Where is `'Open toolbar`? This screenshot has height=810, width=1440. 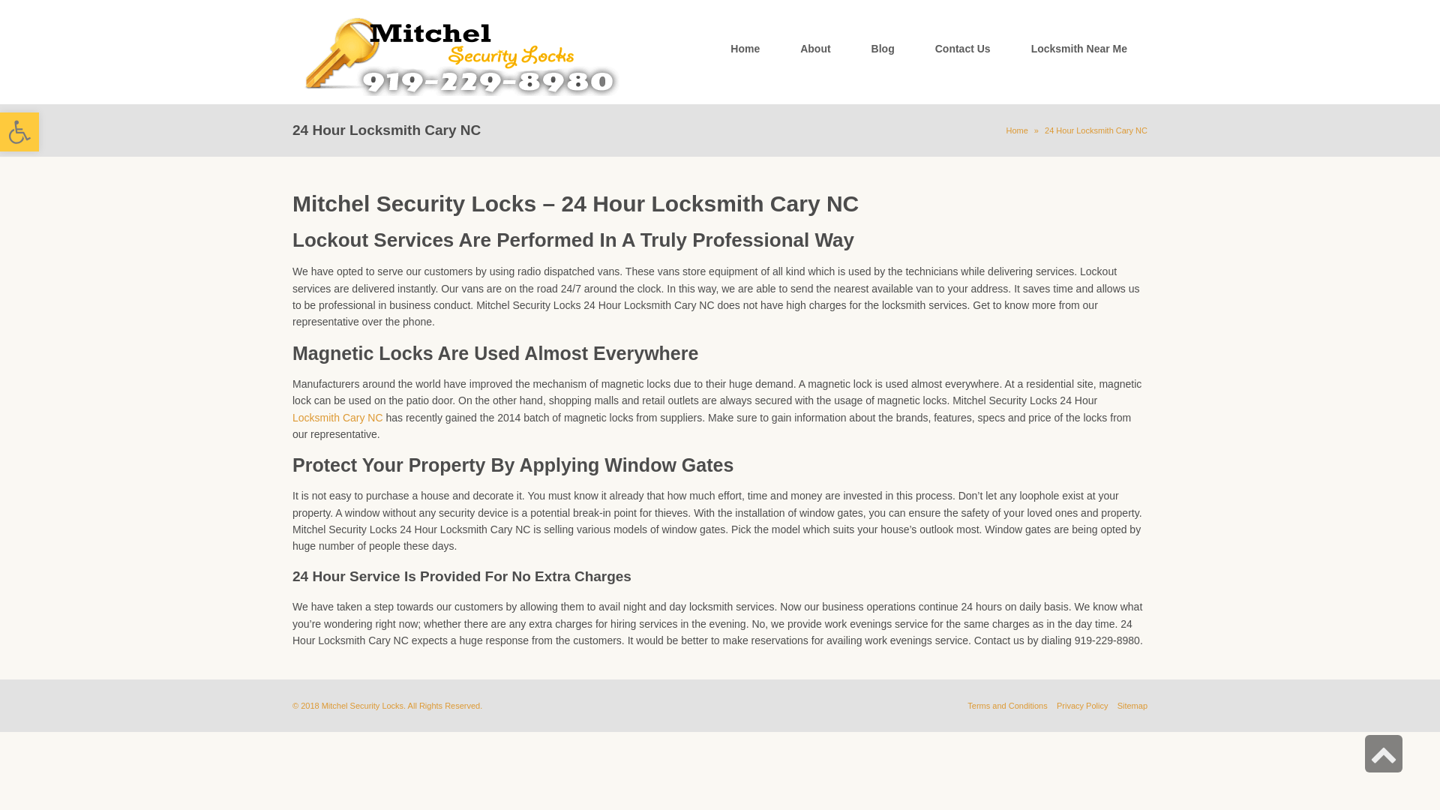 'Open toolbar is located at coordinates (19, 131).